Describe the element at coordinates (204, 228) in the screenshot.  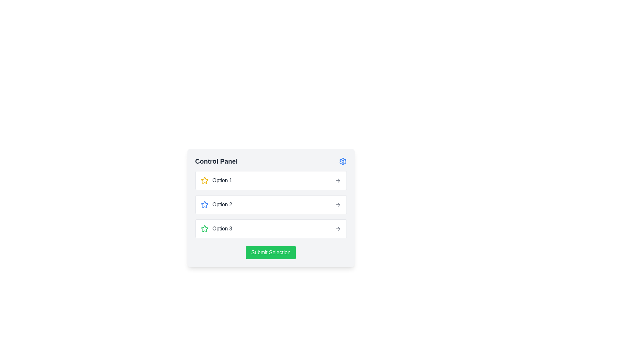
I see `the star-shaped icon outlined in green, located before the text 'Option 3' in the control panel` at that location.